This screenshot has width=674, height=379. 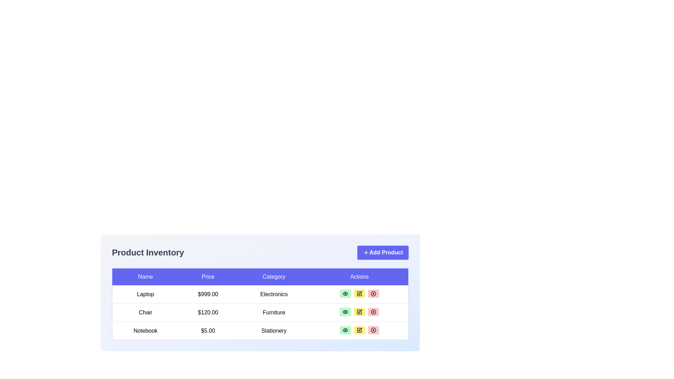 What do you see at coordinates (273, 312) in the screenshot?
I see `the text label displaying the product category for 'Chair' in the table row` at bounding box center [273, 312].